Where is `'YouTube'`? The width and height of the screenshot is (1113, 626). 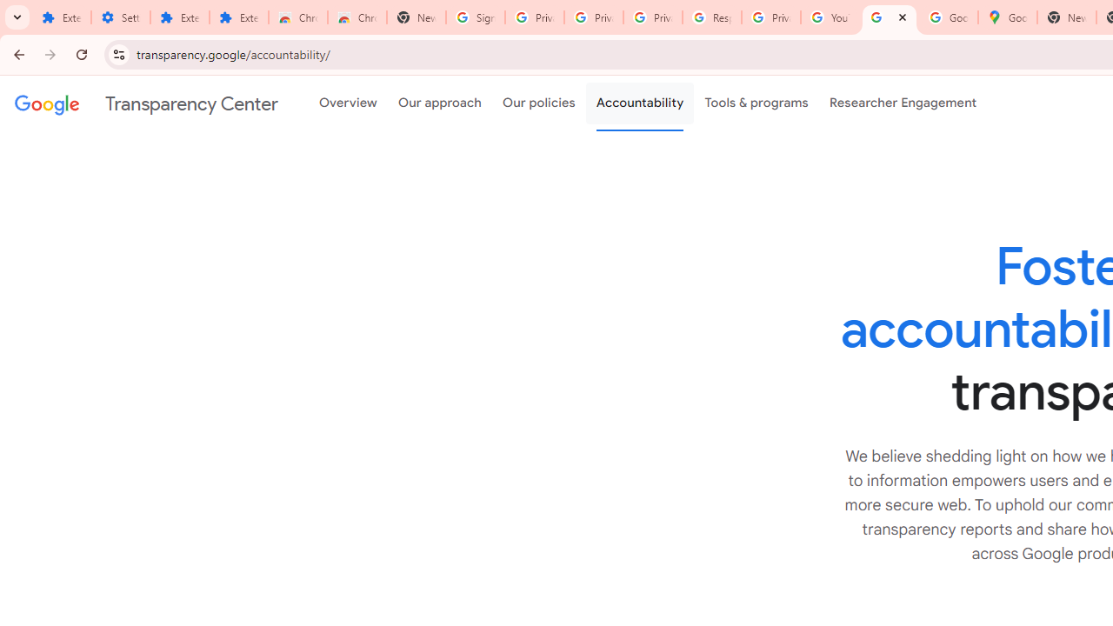
'YouTube' is located at coordinates (829, 17).